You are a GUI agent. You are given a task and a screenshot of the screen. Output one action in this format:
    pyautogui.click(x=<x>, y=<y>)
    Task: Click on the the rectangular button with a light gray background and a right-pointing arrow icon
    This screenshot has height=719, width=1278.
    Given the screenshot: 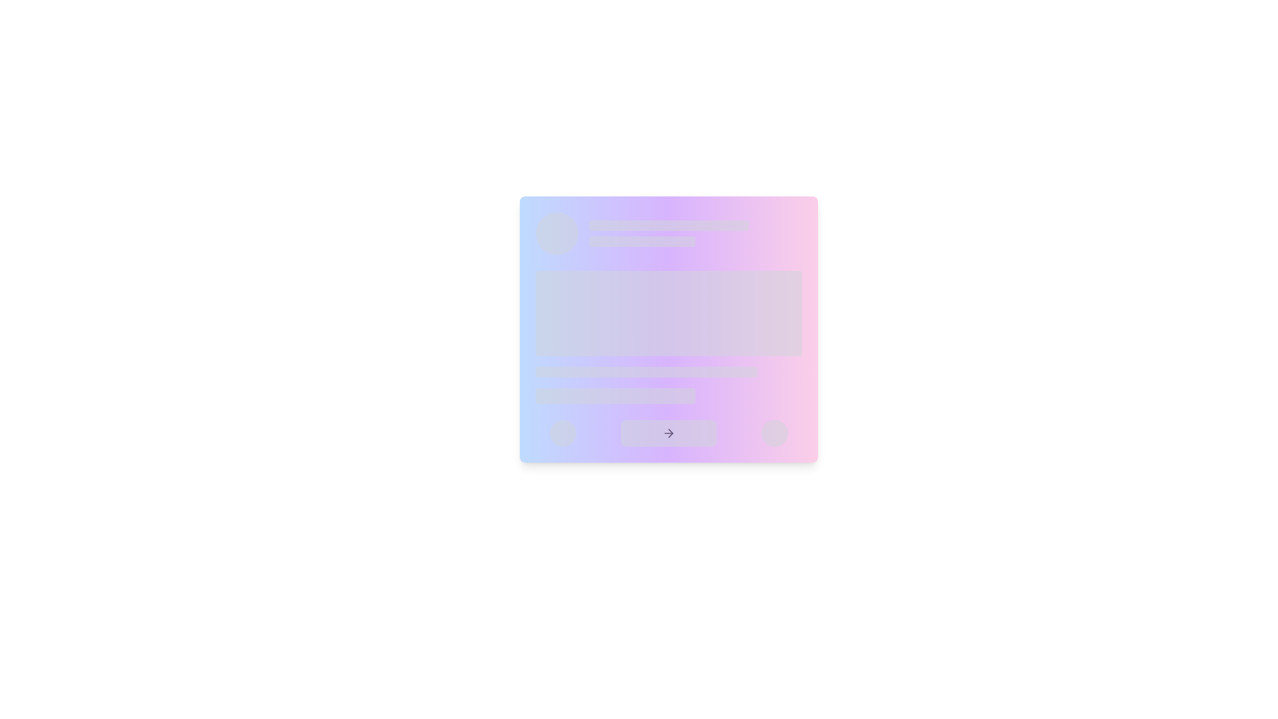 What is the action you would take?
    pyautogui.click(x=668, y=433)
    